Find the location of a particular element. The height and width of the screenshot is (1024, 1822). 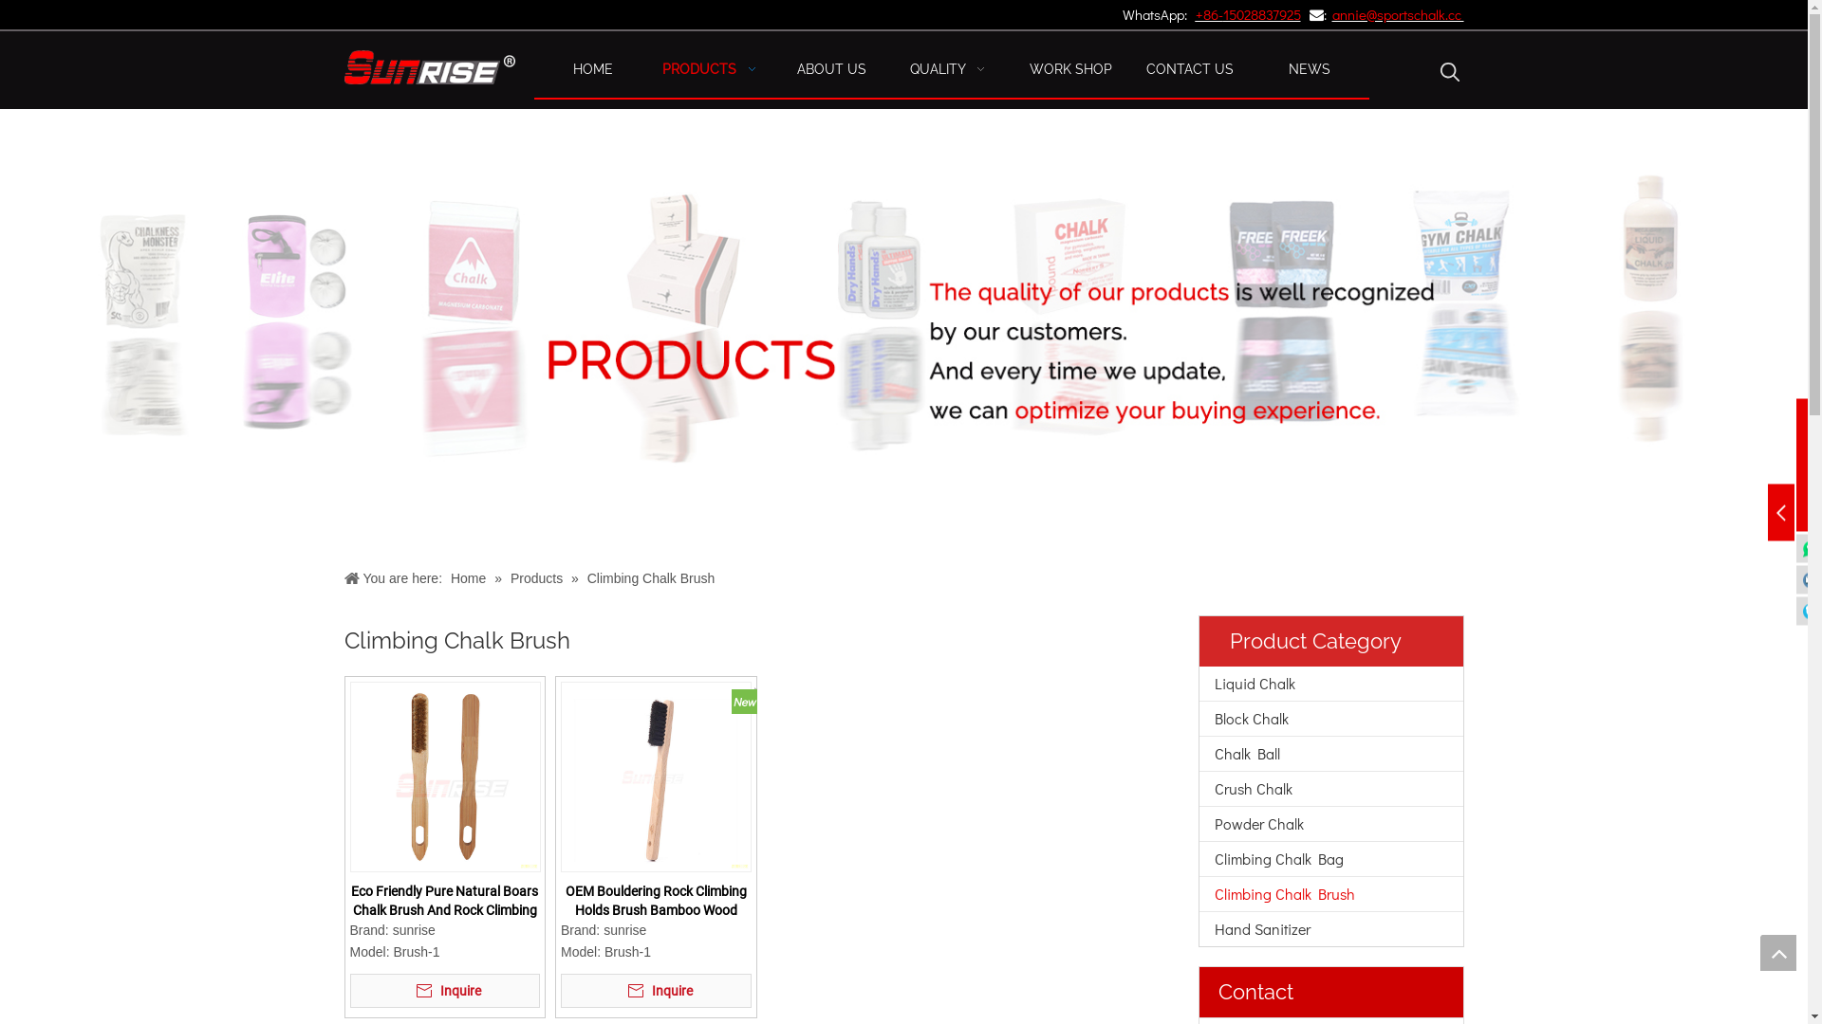

'QUALITY  ' is located at coordinates (952, 68).